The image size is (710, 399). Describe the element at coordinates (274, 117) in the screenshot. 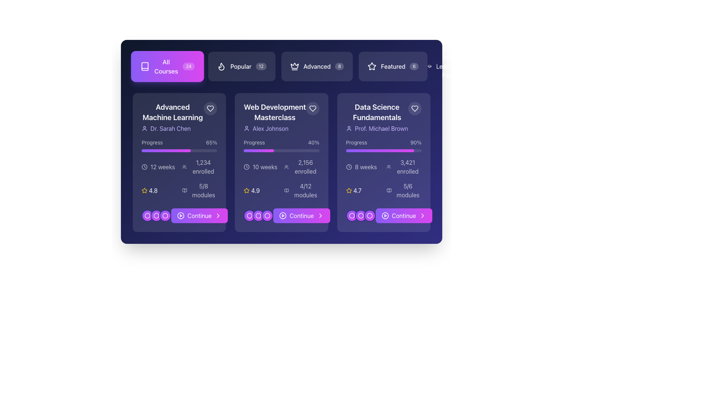

I see `course title 'Web Development Masterclass' and instructor's name 'Alex Johnson' from the text label located centrally in the card titled 'Web Development Masterclass'` at that location.